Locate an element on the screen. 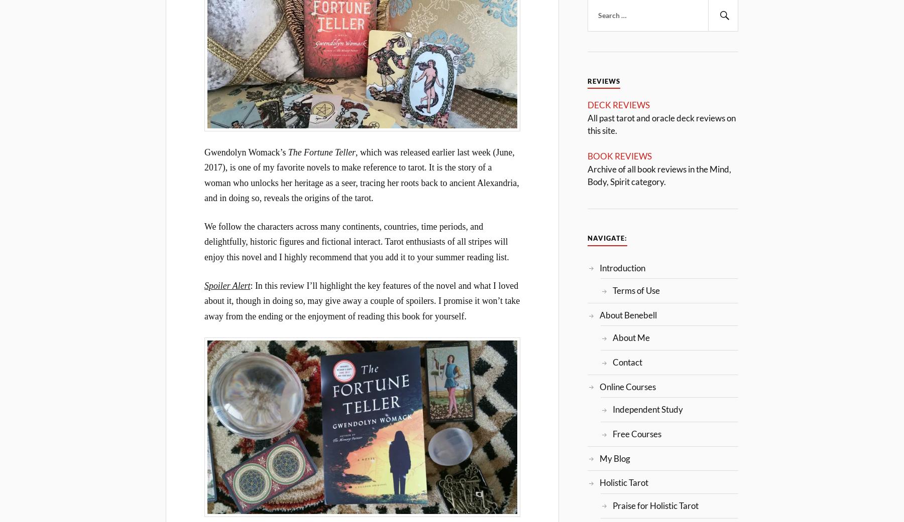  'My Blog' is located at coordinates (614, 457).